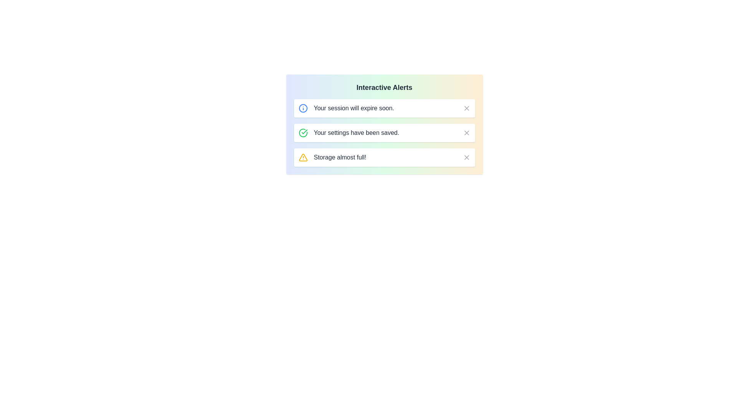  I want to click on the diagonal cross mark (X) icon in the third notification entry of the 'Interactive Alerts' interface, so click(466, 157).